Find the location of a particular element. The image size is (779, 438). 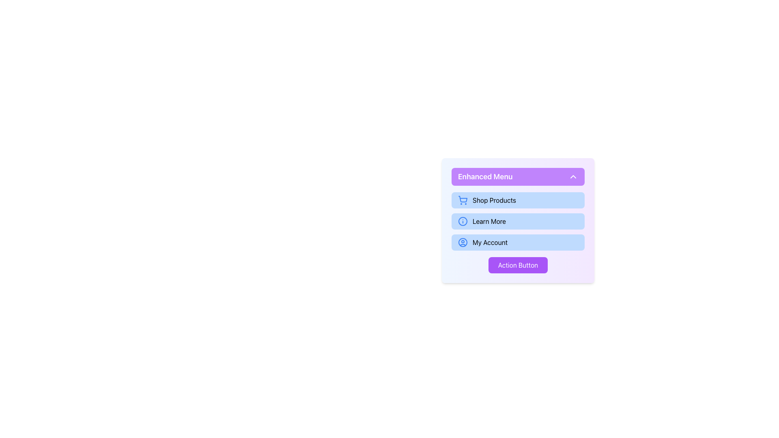

information of the shopping cart icon located in the upper section of the 'Shop Products' option is located at coordinates (463, 199).